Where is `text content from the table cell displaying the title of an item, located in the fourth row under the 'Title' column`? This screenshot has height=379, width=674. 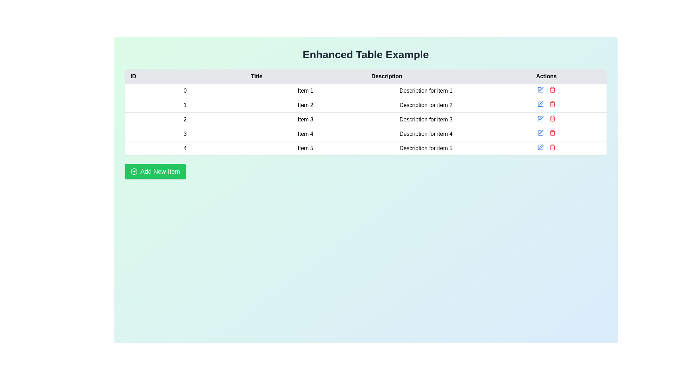
text content from the table cell displaying the title of an item, located in the fourth row under the 'Title' column is located at coordinates (305, 134).